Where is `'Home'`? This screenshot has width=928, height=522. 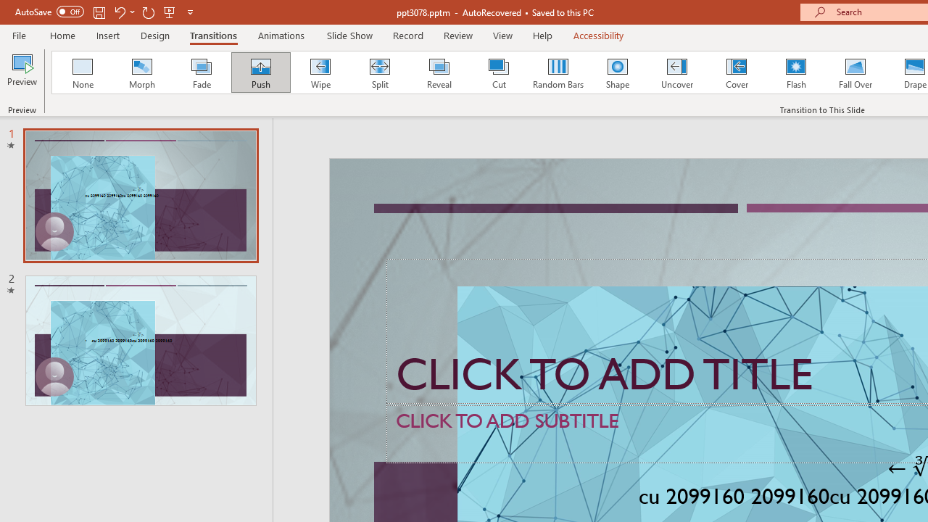
'Home' is located at coordinates (62, 35).